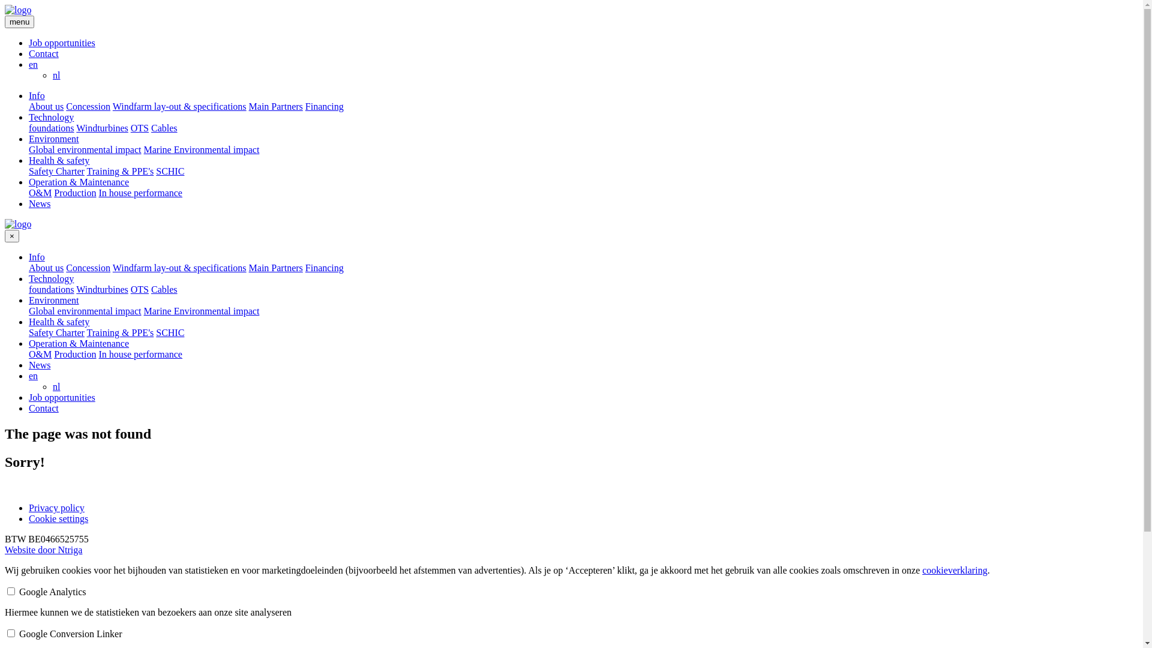 The image size is (1152, 648). I want to click on 'en', so click(29, 375).